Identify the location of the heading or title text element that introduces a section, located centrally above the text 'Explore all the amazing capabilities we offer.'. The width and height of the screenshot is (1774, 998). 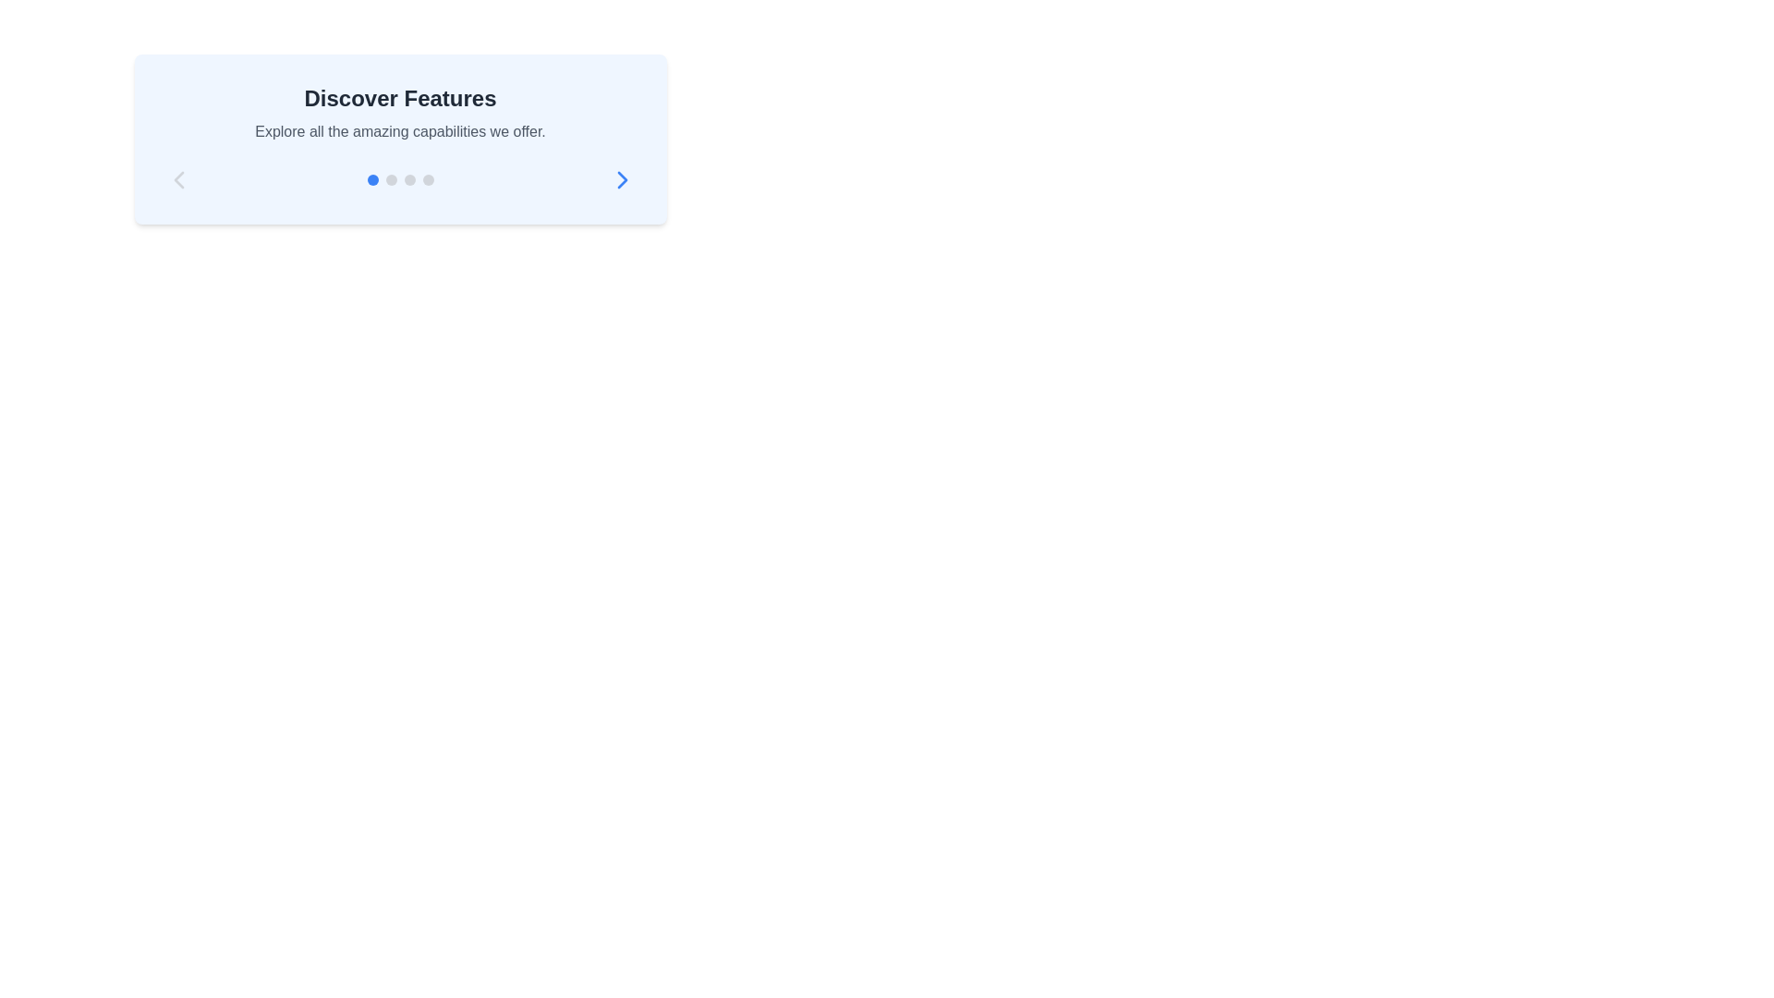
(399, 99).